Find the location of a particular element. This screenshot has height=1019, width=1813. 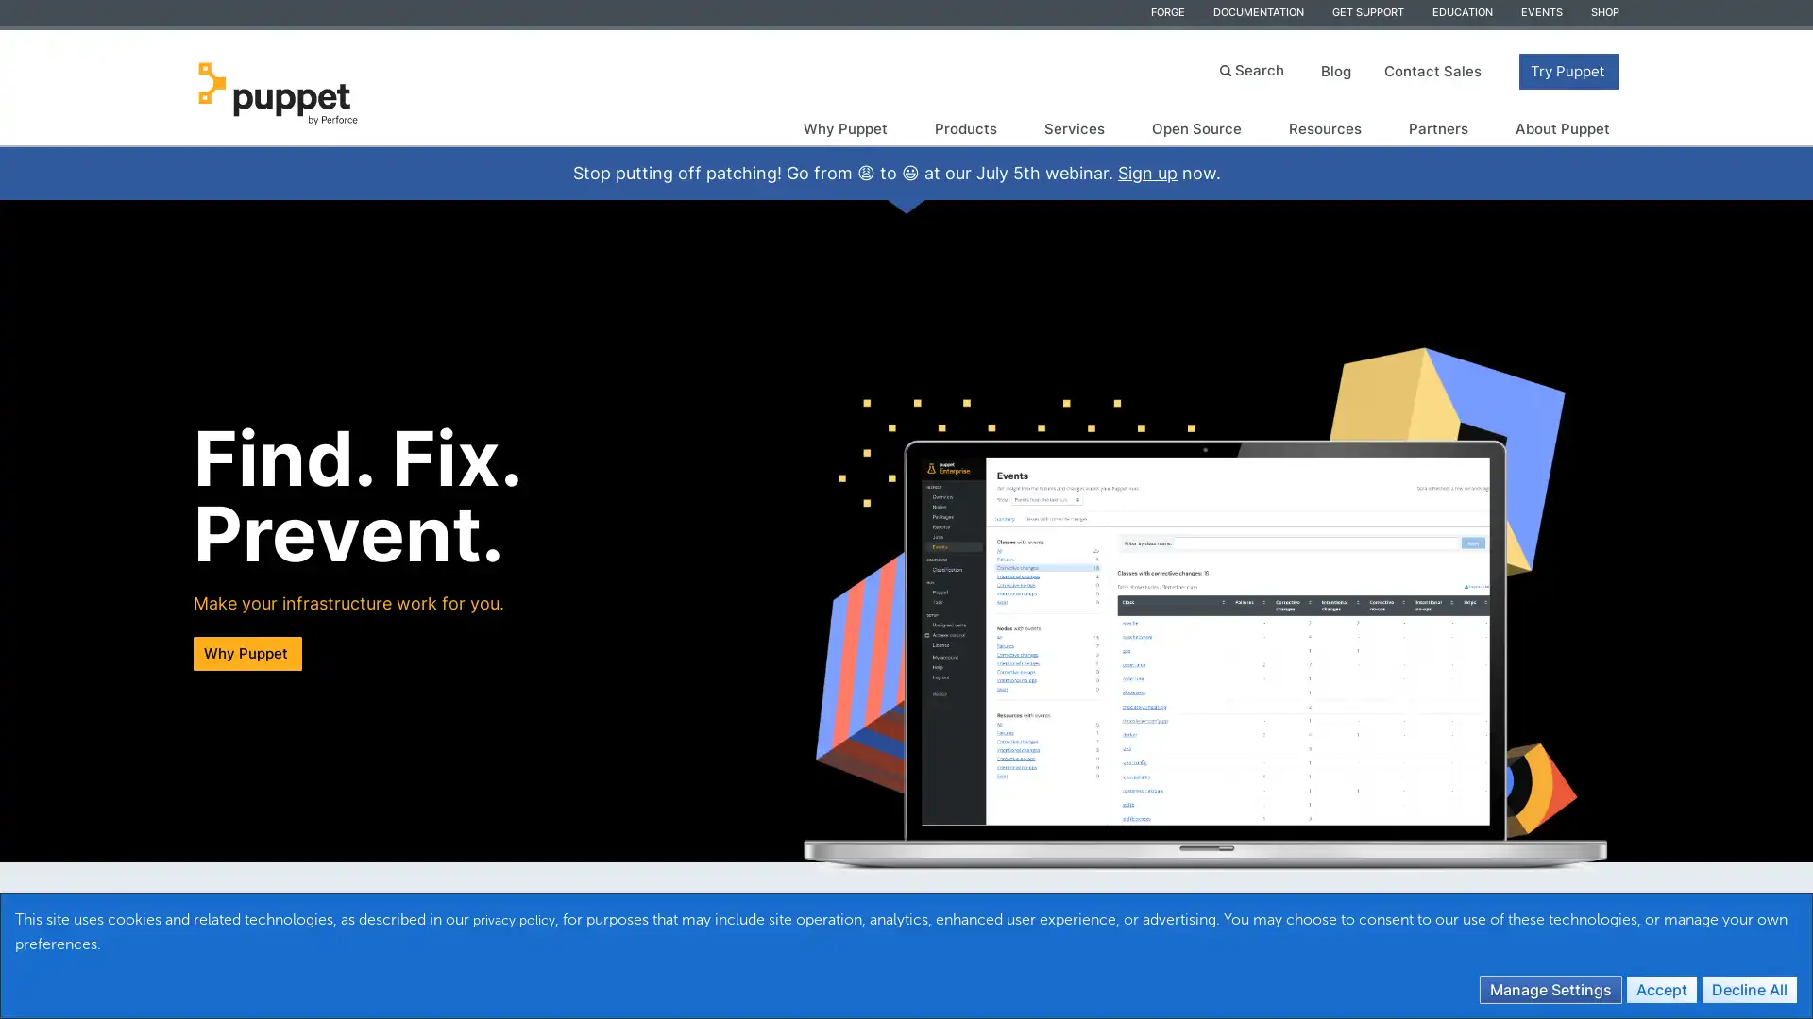

Decline All is located at coordinates (1748, 988).